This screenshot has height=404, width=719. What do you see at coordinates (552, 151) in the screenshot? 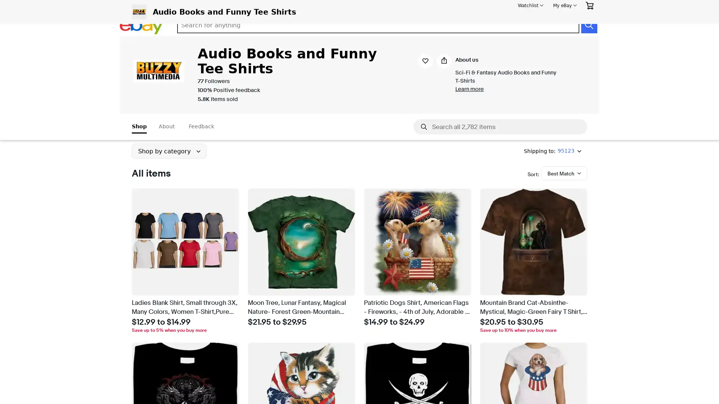
I see `Shipping to:95123` at bounding box center [552, 151].